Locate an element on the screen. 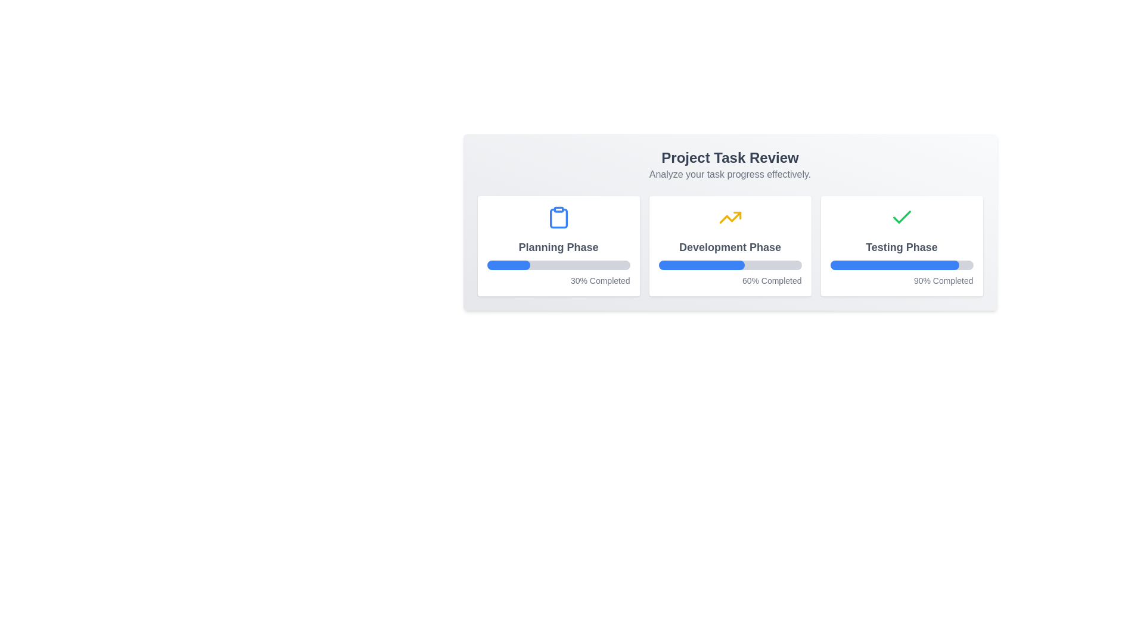 The image size is (1144, 644). the text label 'Development Phase' which is styled in bold and positioned in the middle card of three horizontal cards is located at coordinates (729, 247).